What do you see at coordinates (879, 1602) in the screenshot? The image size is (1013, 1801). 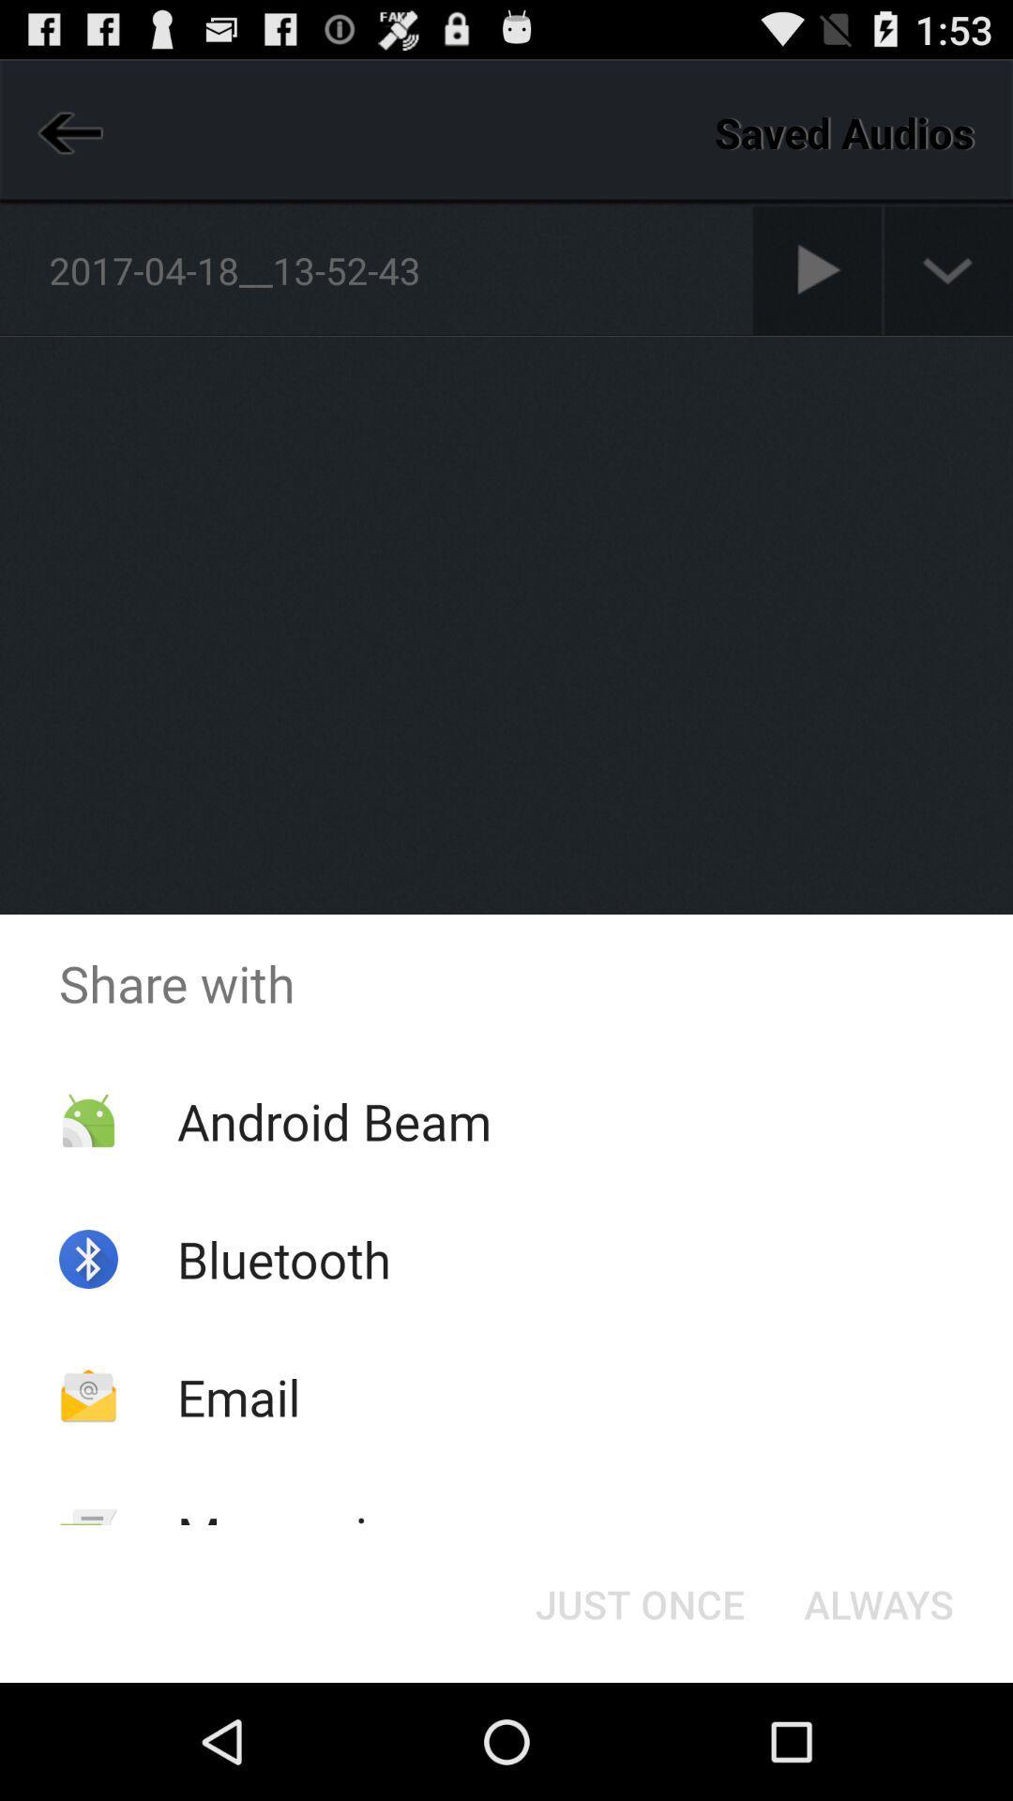 I see `item next to just once icon` at bounding box center [879, 1602].